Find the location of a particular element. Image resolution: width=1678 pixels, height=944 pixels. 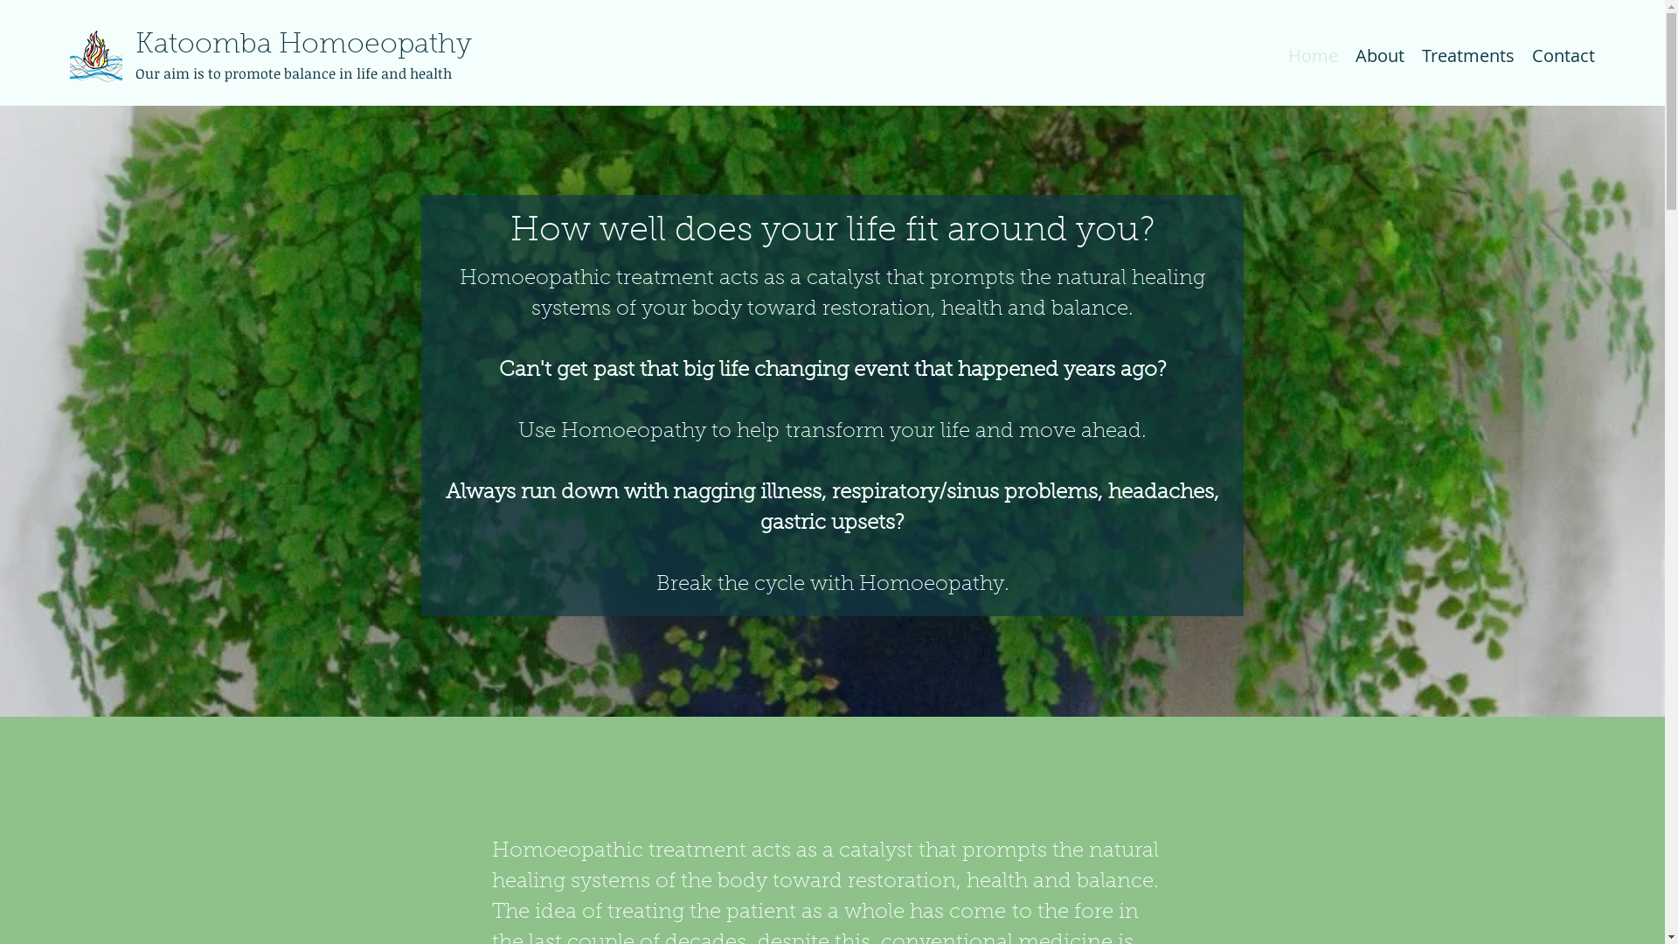

'Katoomba Homoeopathy' is located at coordinates (303, 44).